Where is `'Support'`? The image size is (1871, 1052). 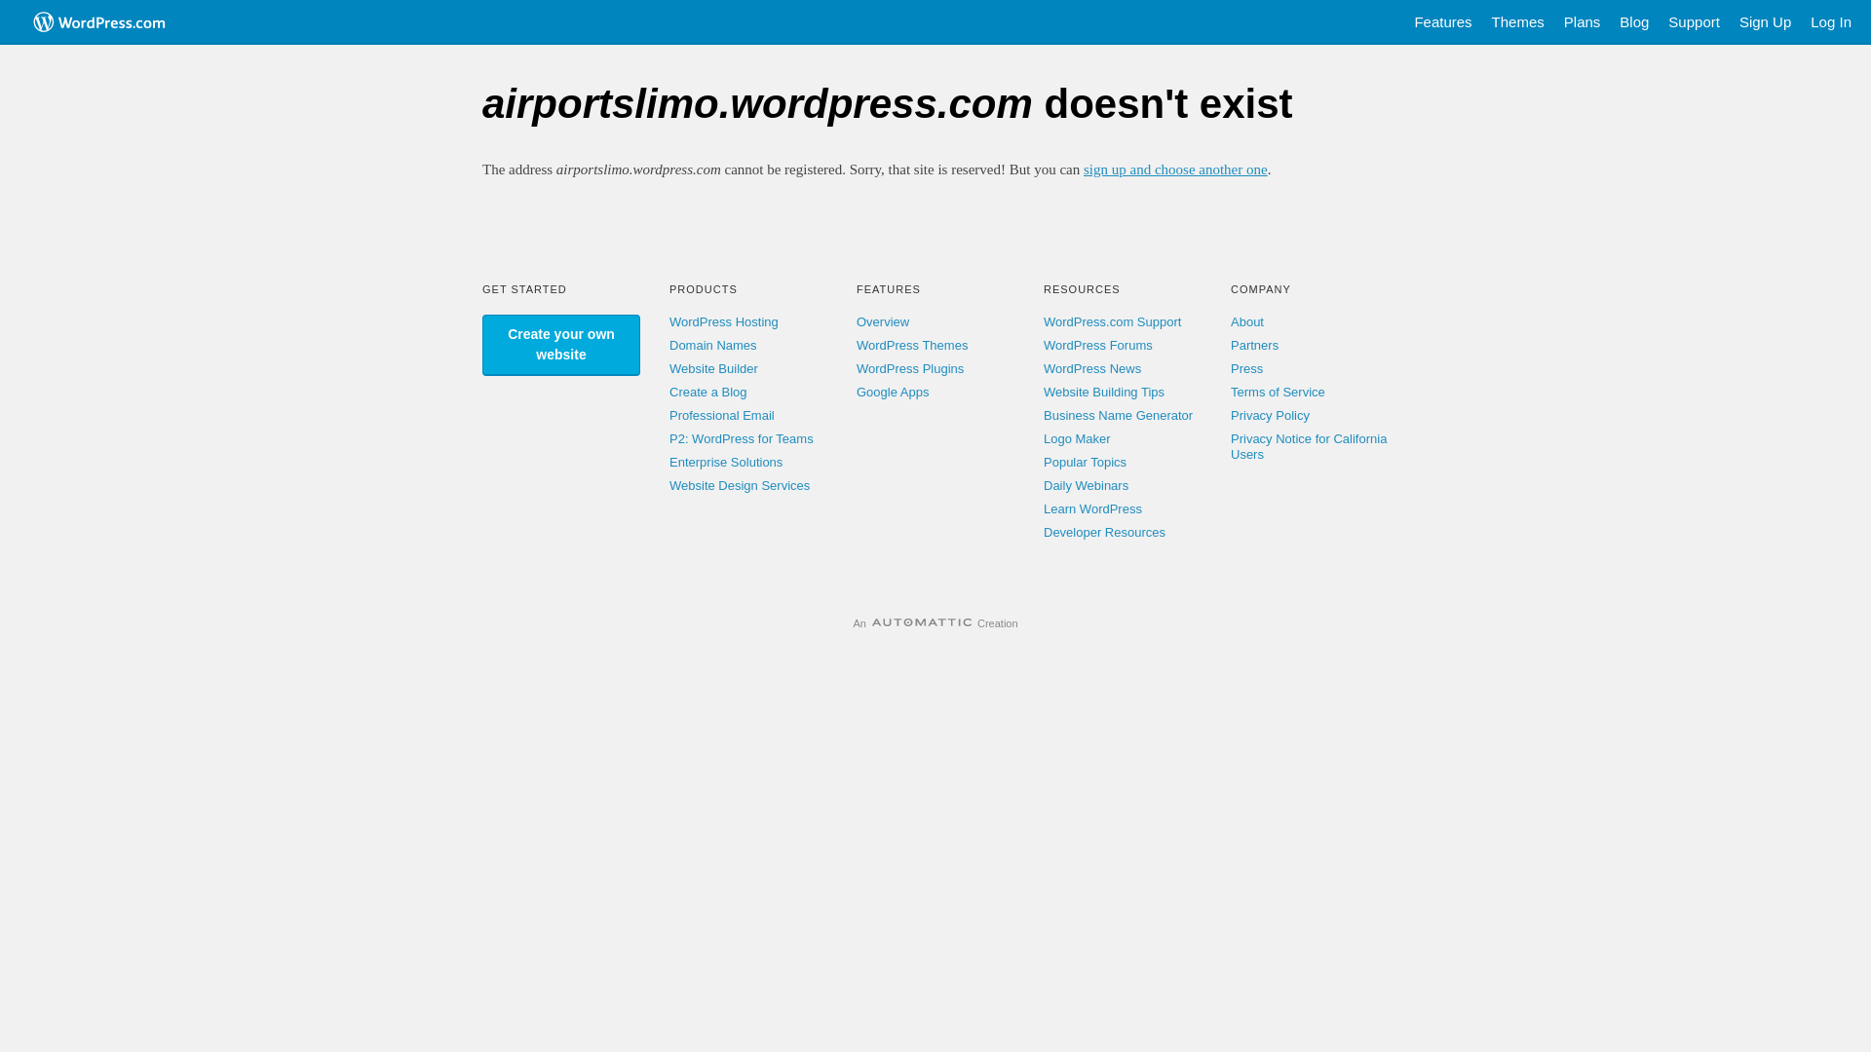
'Support' is located at coordinates (1693, 22).